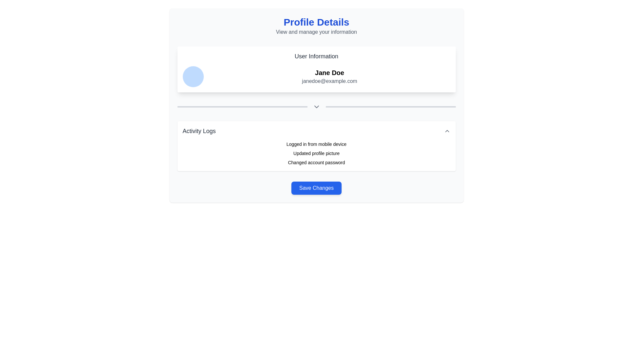 The width and height of the screenshot is (630, 354). I want to click on the 'Activity Logs' text label, which is styled in bold and larger font, located near the top-left corner of the header section, so click(199, 131).